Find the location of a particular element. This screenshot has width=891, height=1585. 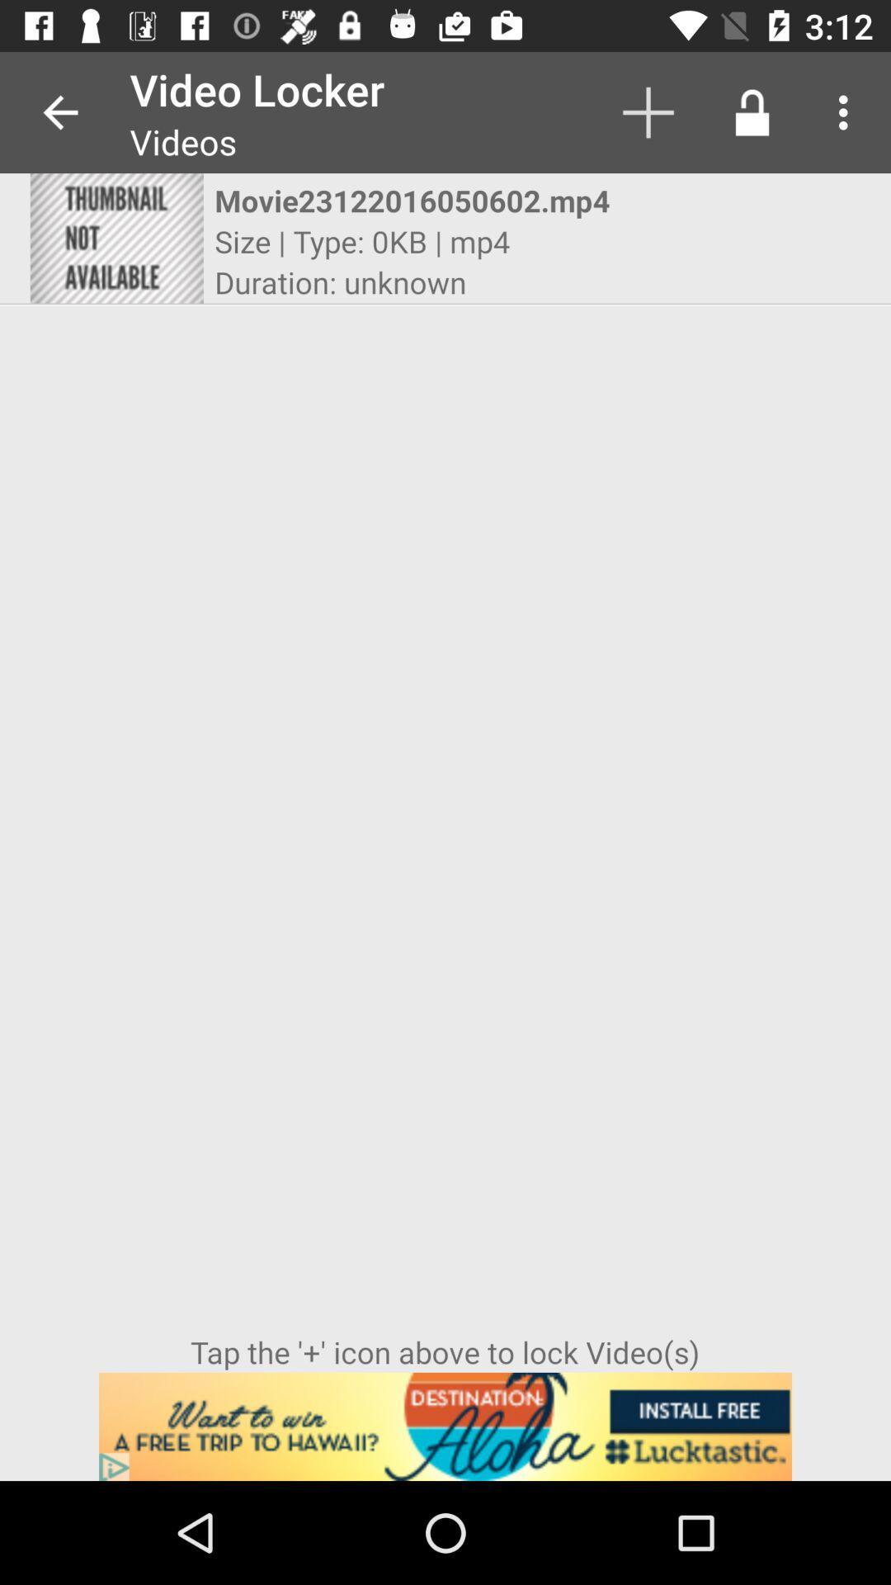

the icon to the left of video locker item is located at coordinates (59, 111).